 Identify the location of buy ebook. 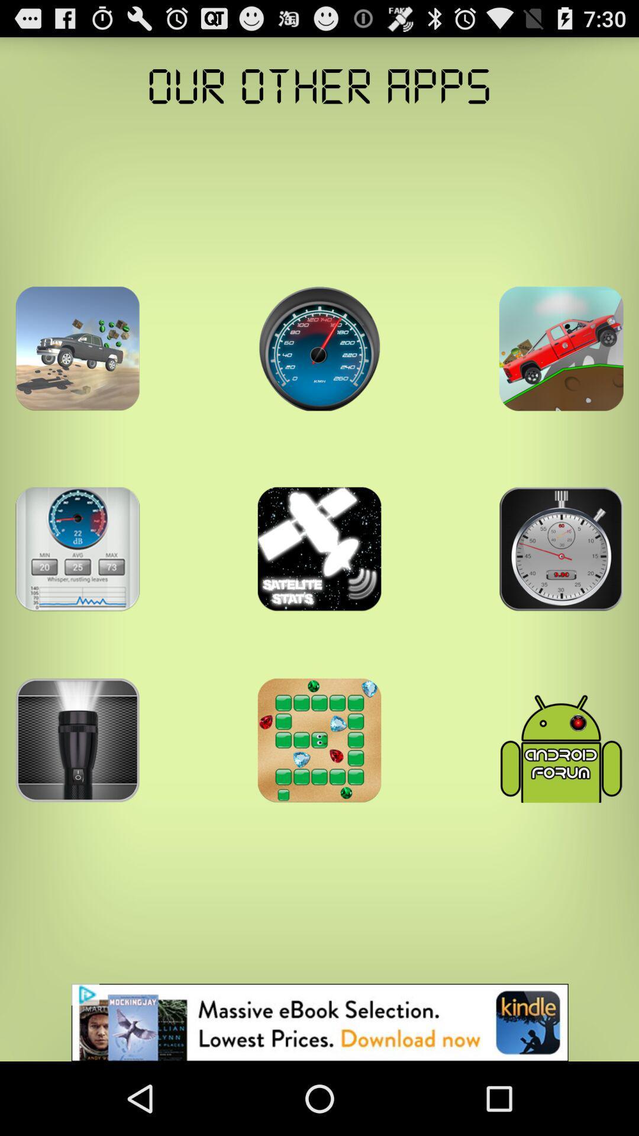
(319, 1022).